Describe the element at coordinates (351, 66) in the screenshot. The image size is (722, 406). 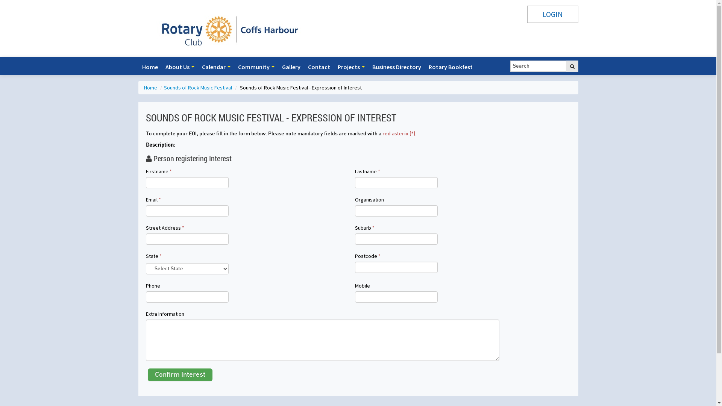
I see `'Projects'` at that location.